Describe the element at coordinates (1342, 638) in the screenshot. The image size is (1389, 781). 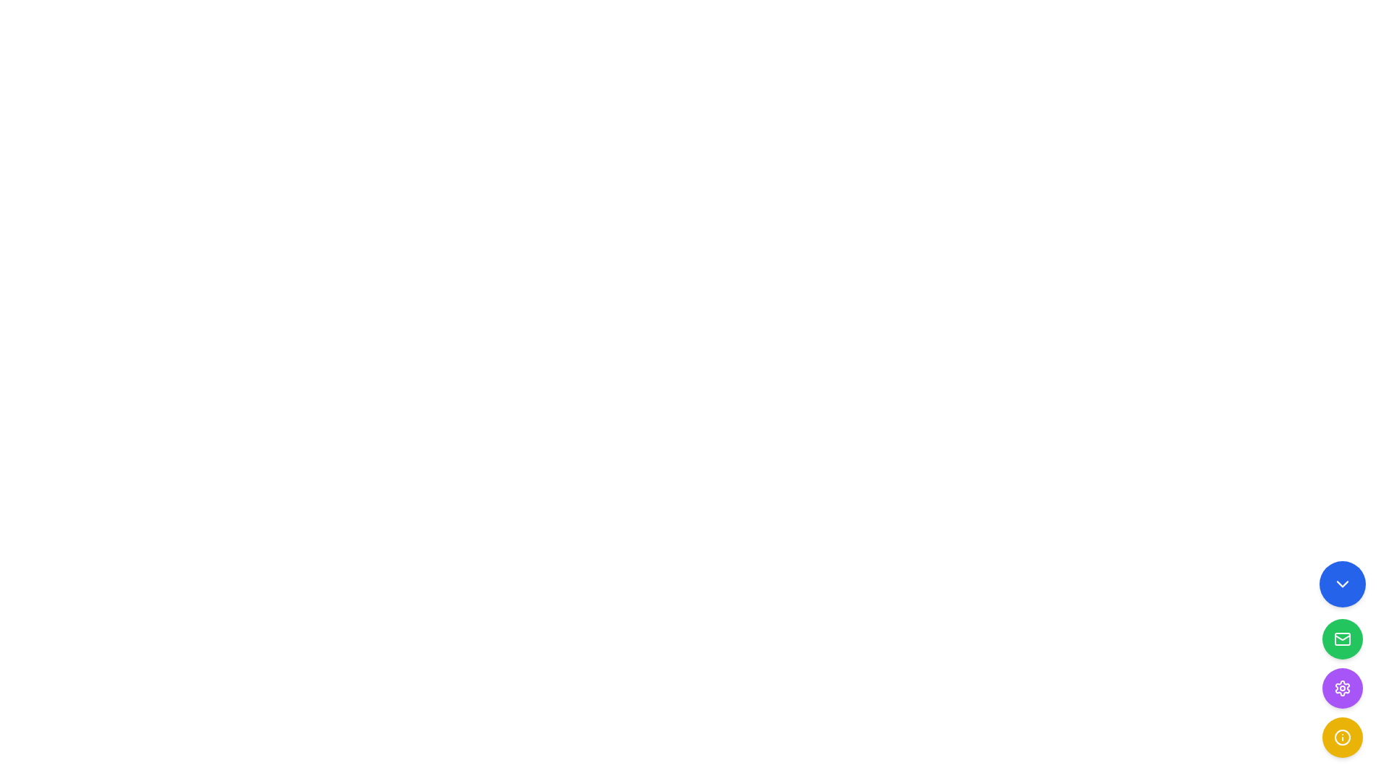
I see `the decorative icon component of the mail button, which is the rectangular part of the mail icon located in the middle-right vertical stack of circular buttons` at that location.